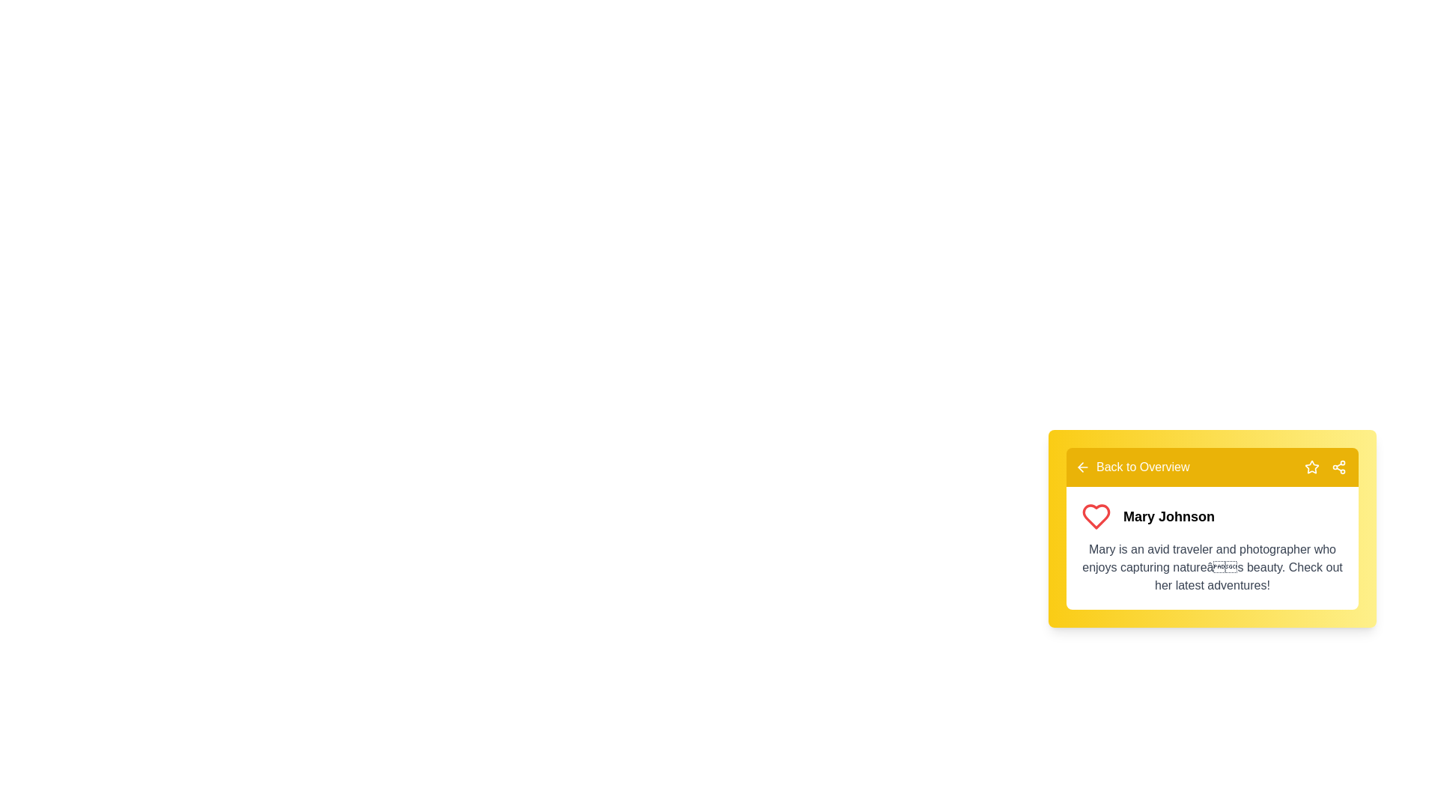 Image resolution: width=1438 pixels, height=809 pixels. I want to click on the name displayed in the text label, so click(1168, 516).